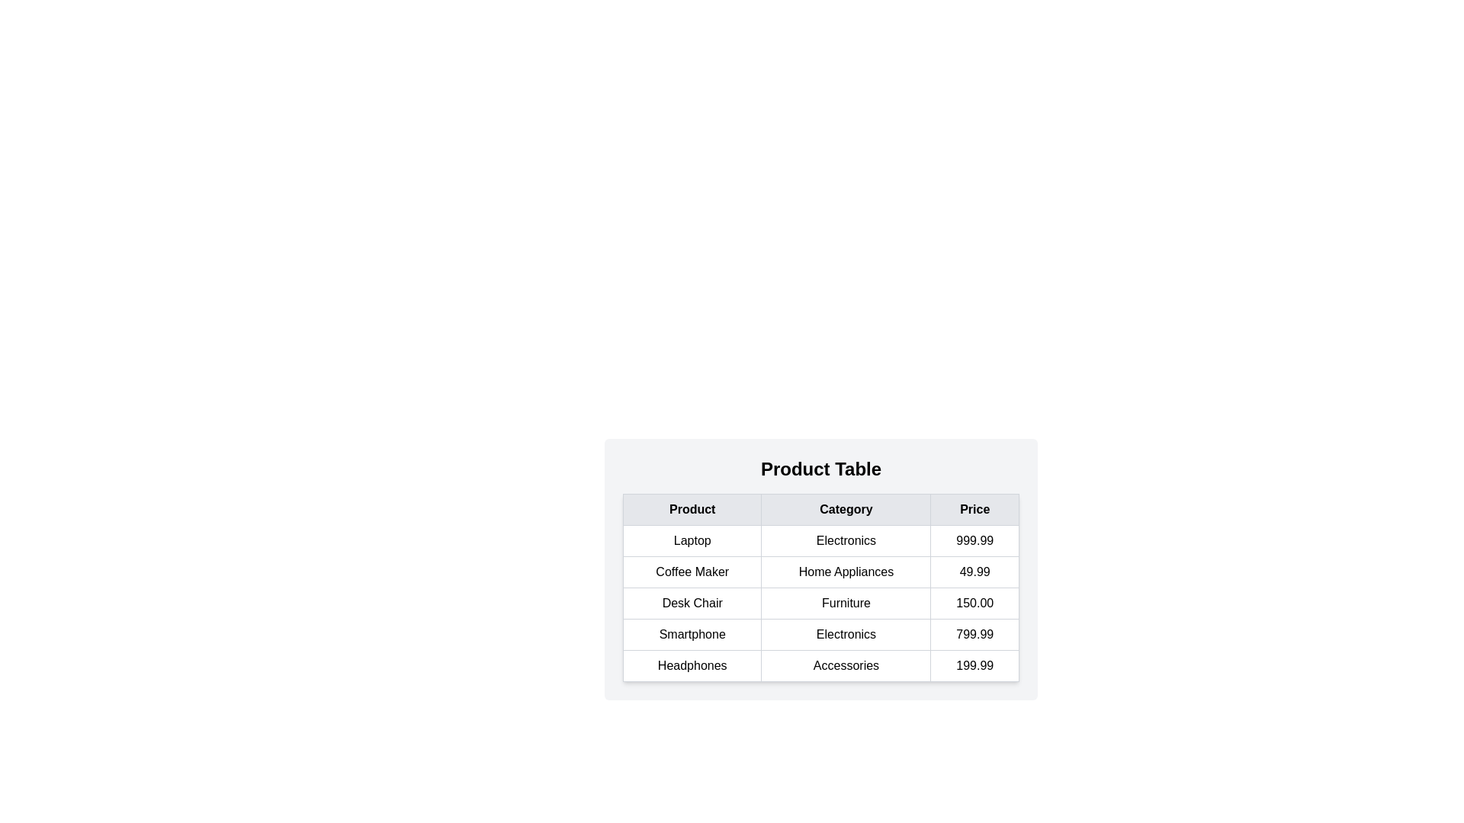  What do you see at coordinates (691, 665) in the screenshot?
I see `the text label displaying the product name 'Headphones', which is located as the first cell in the last row under the 'Product' column of the table` at bounding box center [691, 665].